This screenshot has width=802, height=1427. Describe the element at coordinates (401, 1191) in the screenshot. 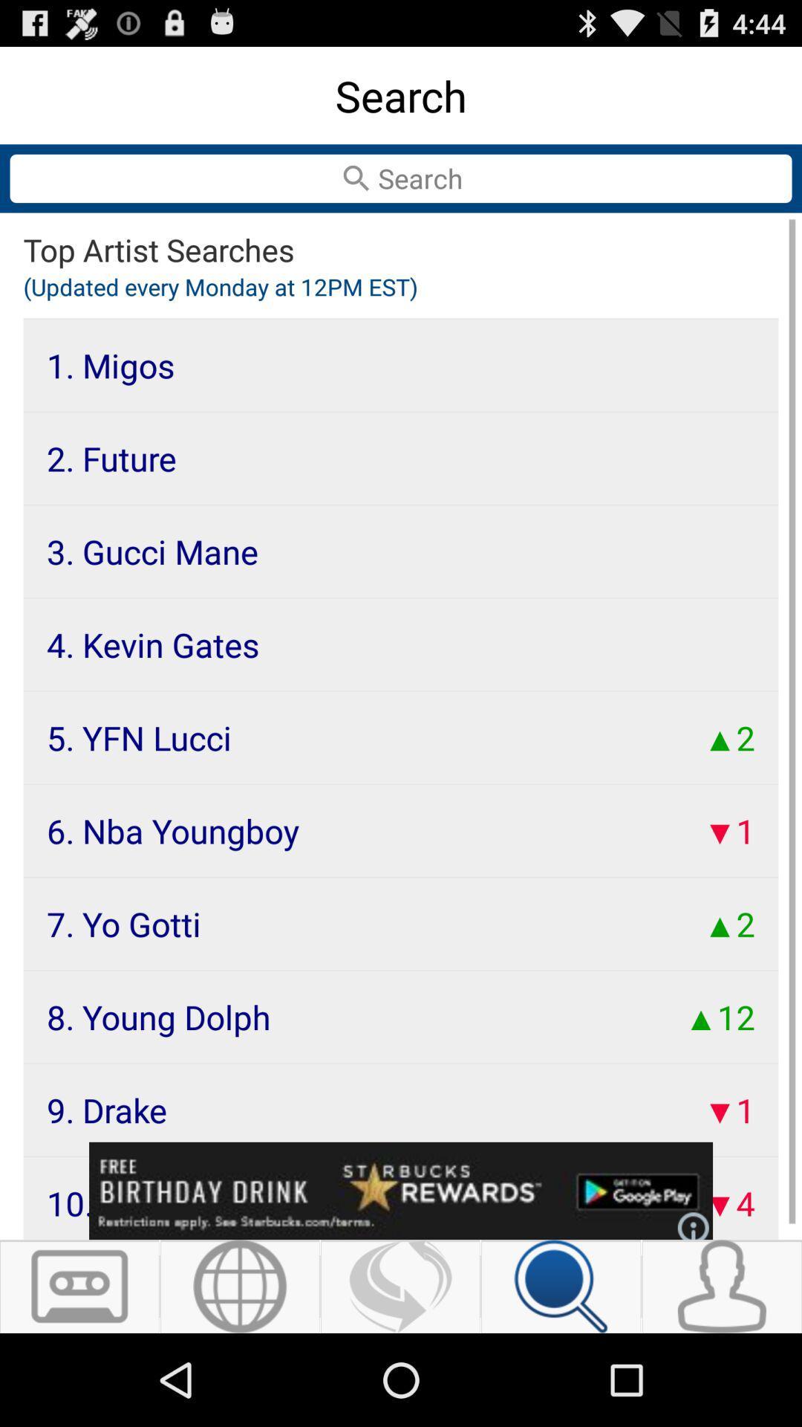

I see `starbucks rewards advertisement` at that location.